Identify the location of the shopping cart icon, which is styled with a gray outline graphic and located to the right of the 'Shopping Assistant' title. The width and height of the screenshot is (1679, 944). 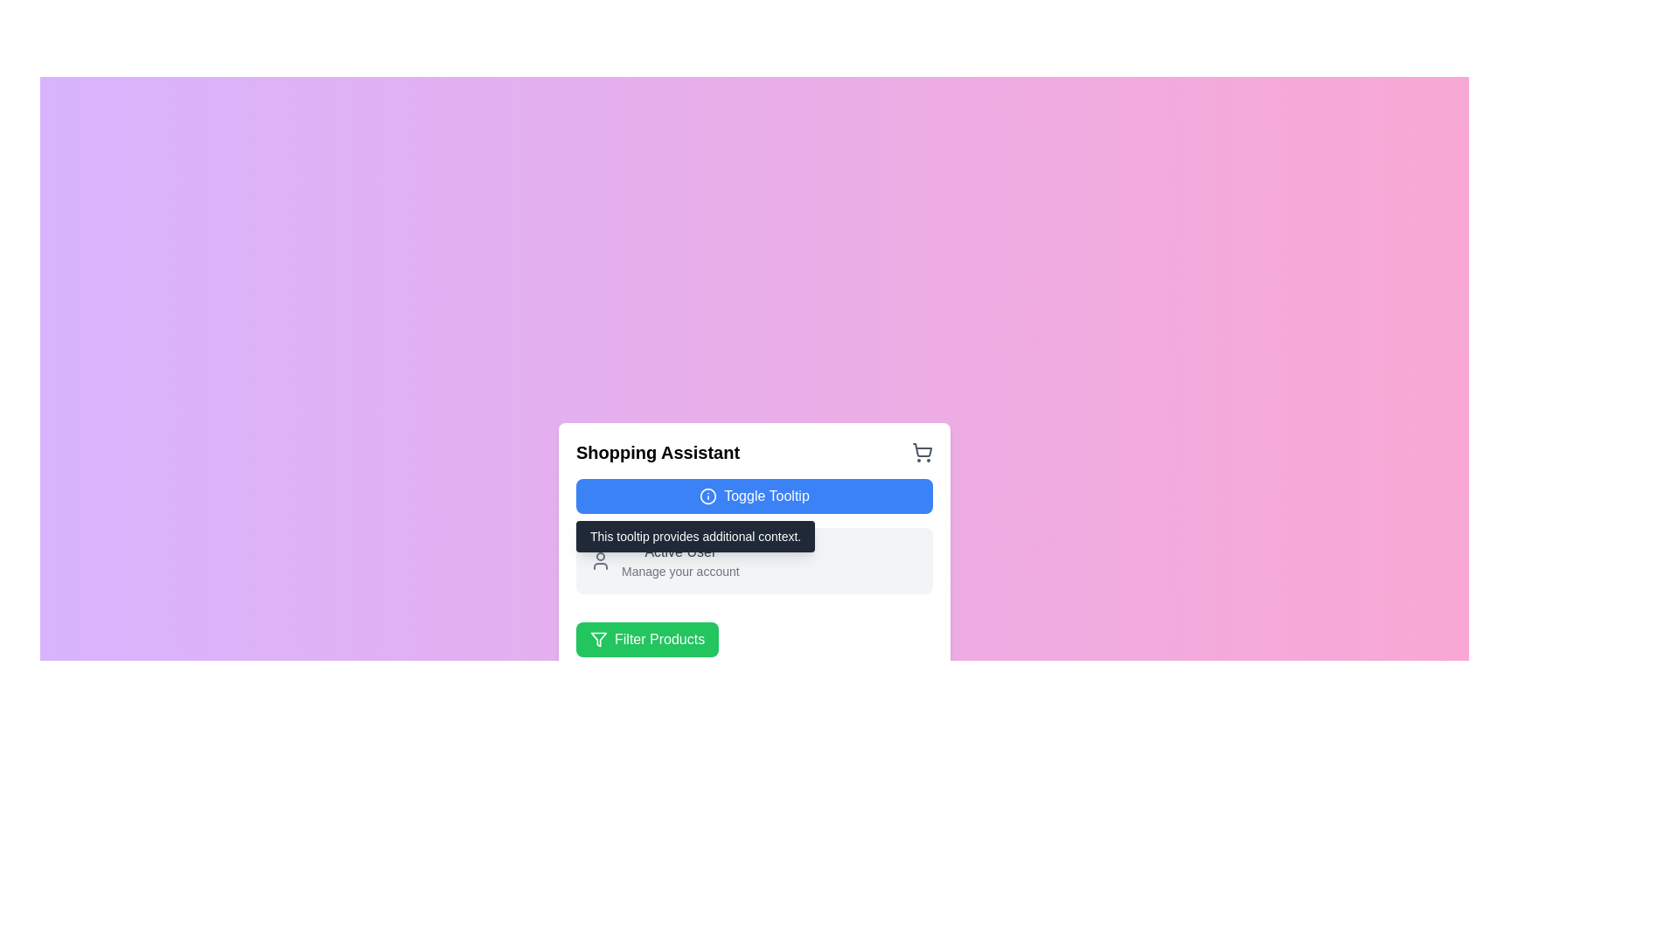
(922, 451).